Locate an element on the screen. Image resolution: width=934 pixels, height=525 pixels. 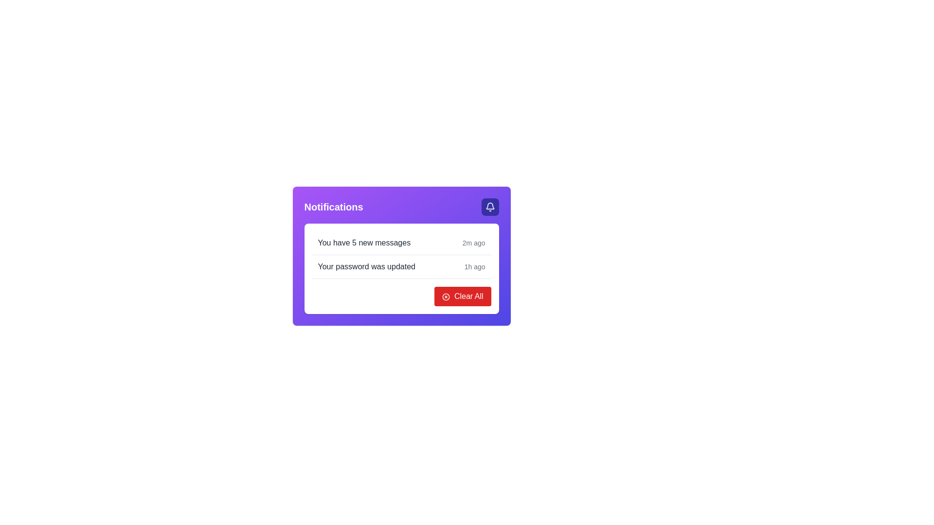
the right-aligned text label that indicates the timestamp of the associated event within the notification card component is located at coordinates (474, 243).